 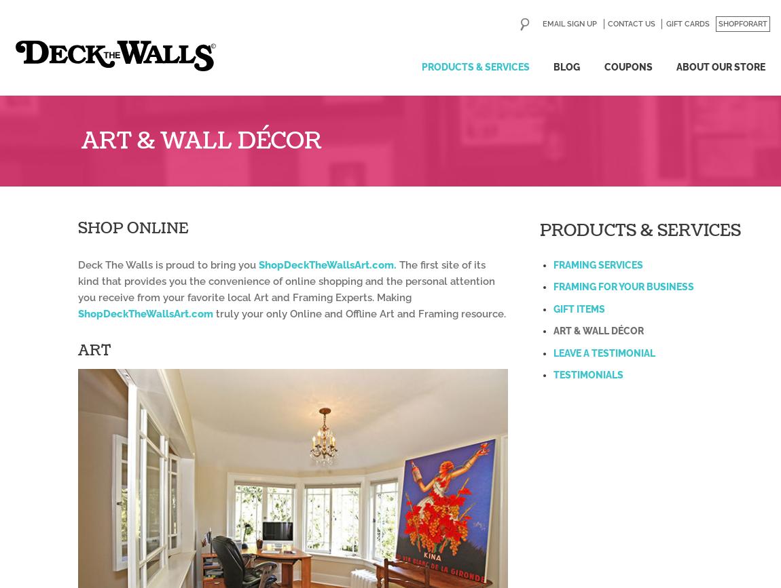 I want to click on 'ShopDeckTheWallsArt.com', so click(x=77, y=313).